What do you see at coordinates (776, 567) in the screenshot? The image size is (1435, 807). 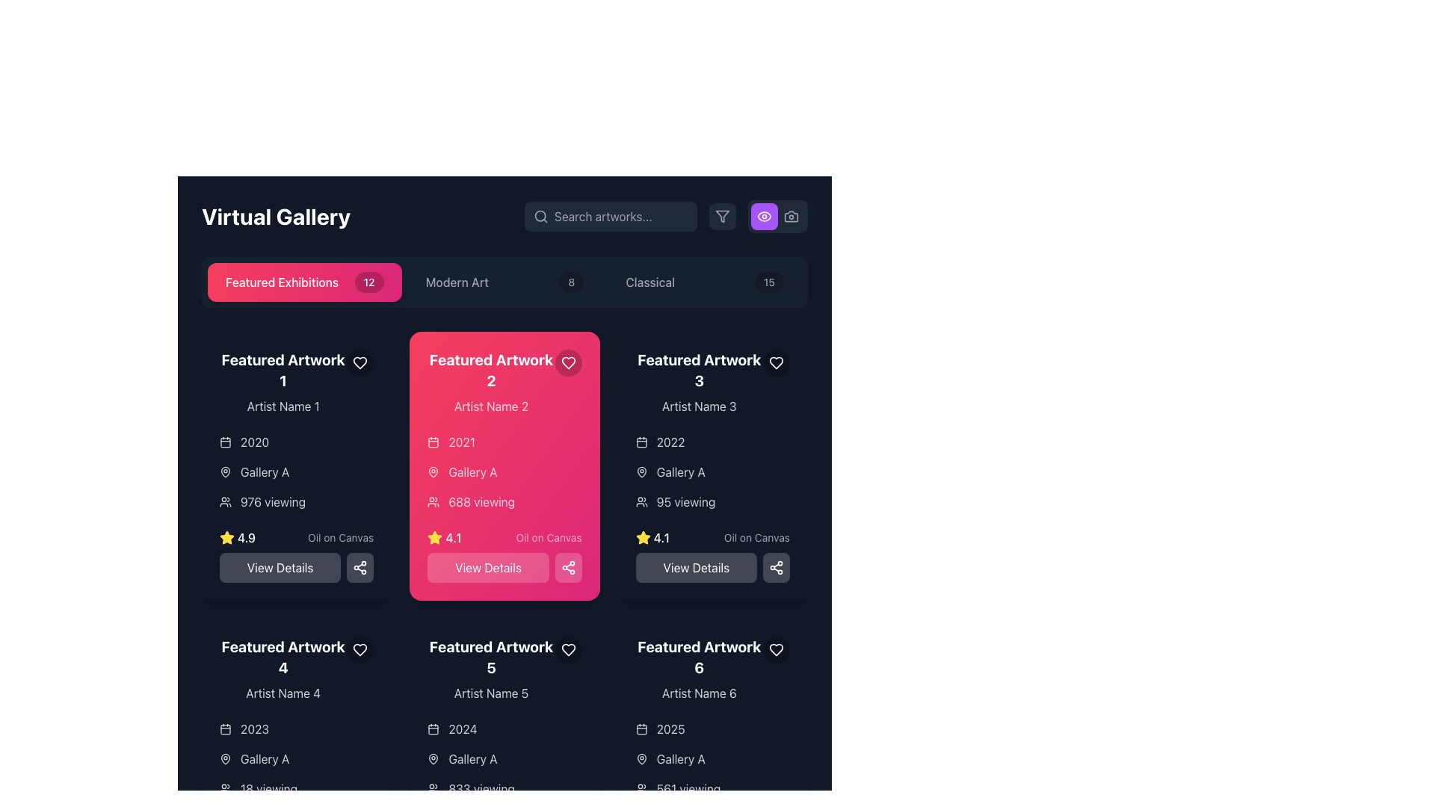 I see `the Share Icon, which is a connection diagram with three circles joined by lines, displayed in white on a dark background, located in the bottom-right corner of the third artwork card` at bounding box center [776, 567].